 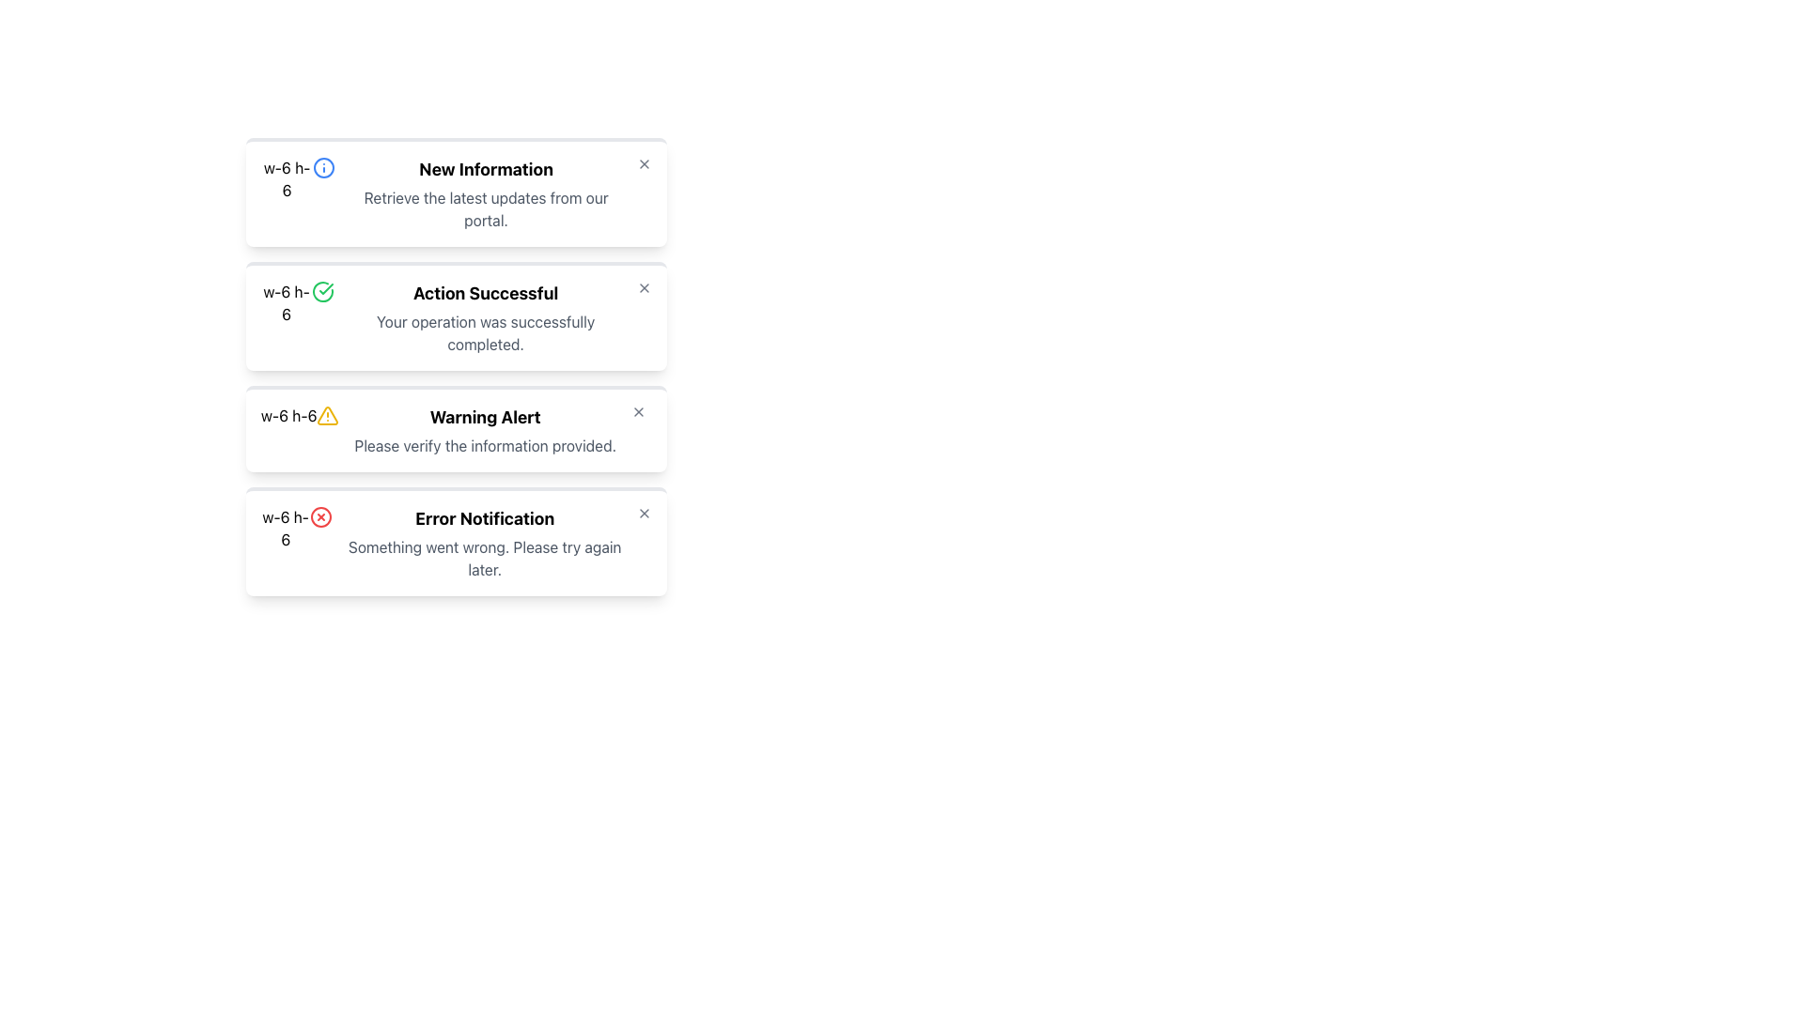 I want to click on error message displayed in the text display located below the 'Error Notification' title in the notification panel, so click(x=485, y=557).